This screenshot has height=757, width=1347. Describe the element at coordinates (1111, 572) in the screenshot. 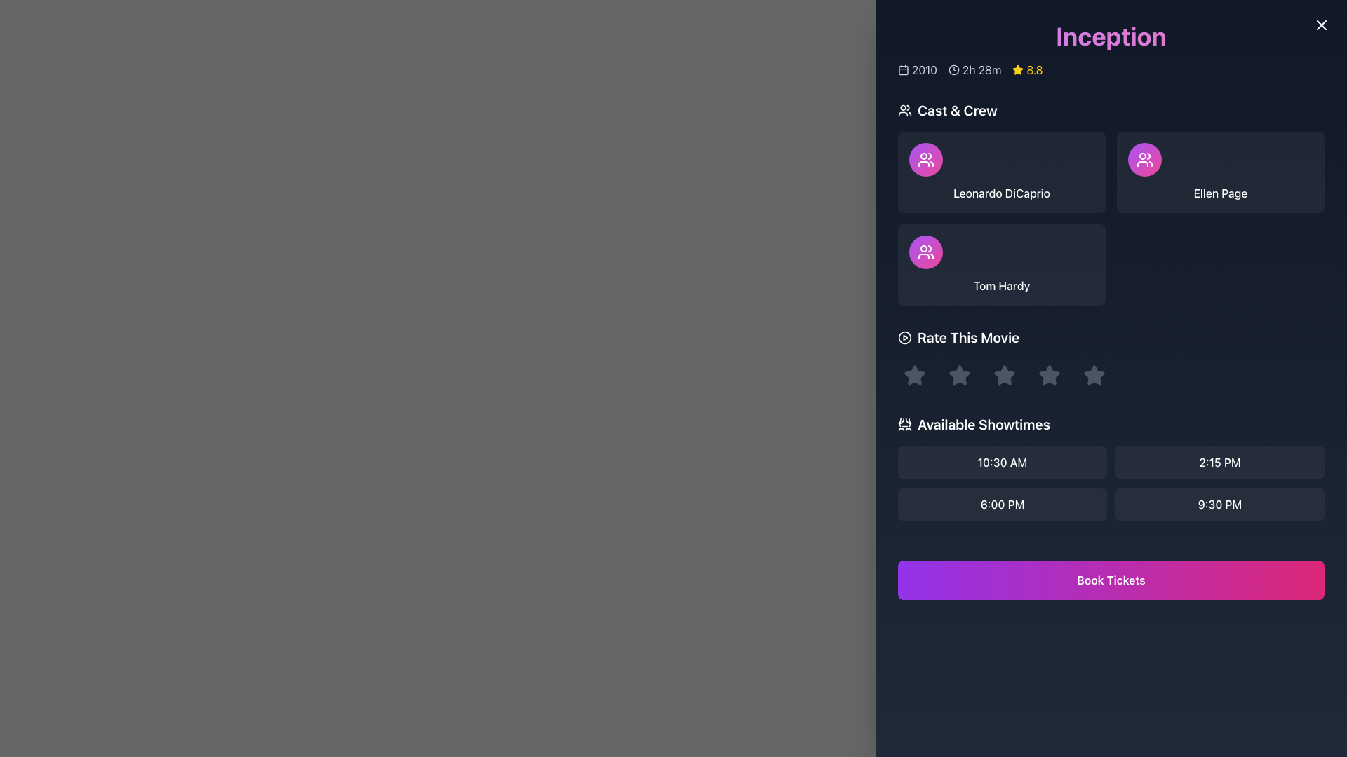

I see `the rectangular button labeled 'Book Tickets' with a gradient from purple to pink` at that location.